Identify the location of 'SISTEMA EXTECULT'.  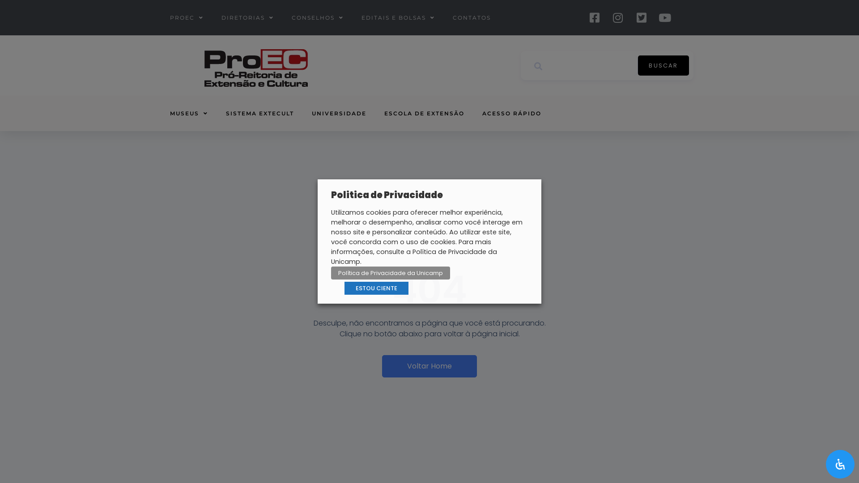
(259, 113).